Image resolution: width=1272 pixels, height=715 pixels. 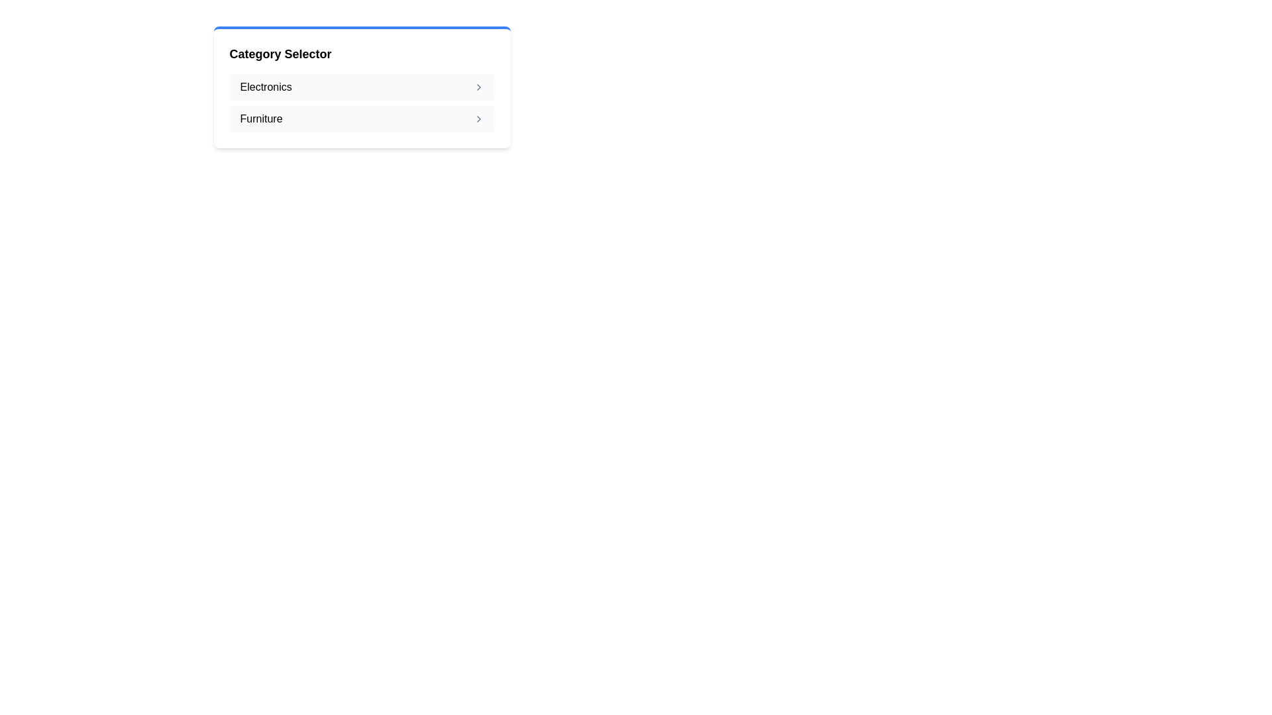 I want to click on the arrow icon located at the extreme right of the row labeled 'Furniture', so click(x=478, y=119).